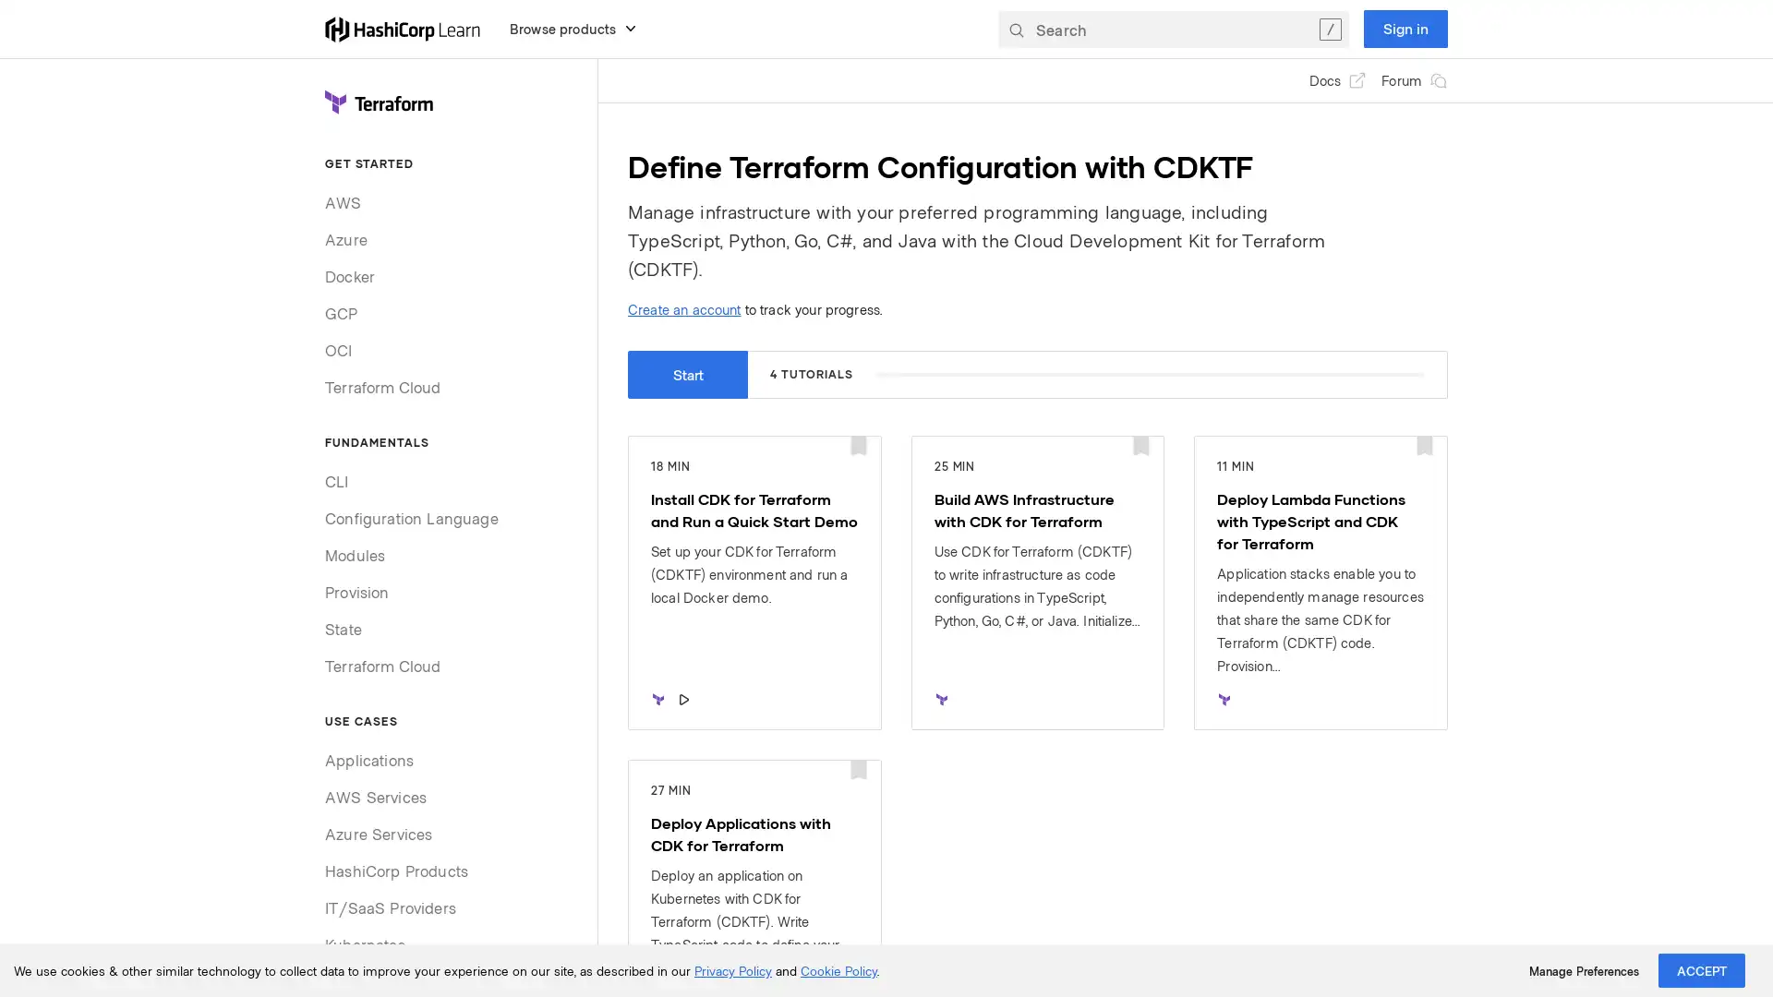 This screenshot has width=1773, height=997. Describe the element at coordinates (1330, 28) in the screenshot. I see `Clear the search query.` at that location.